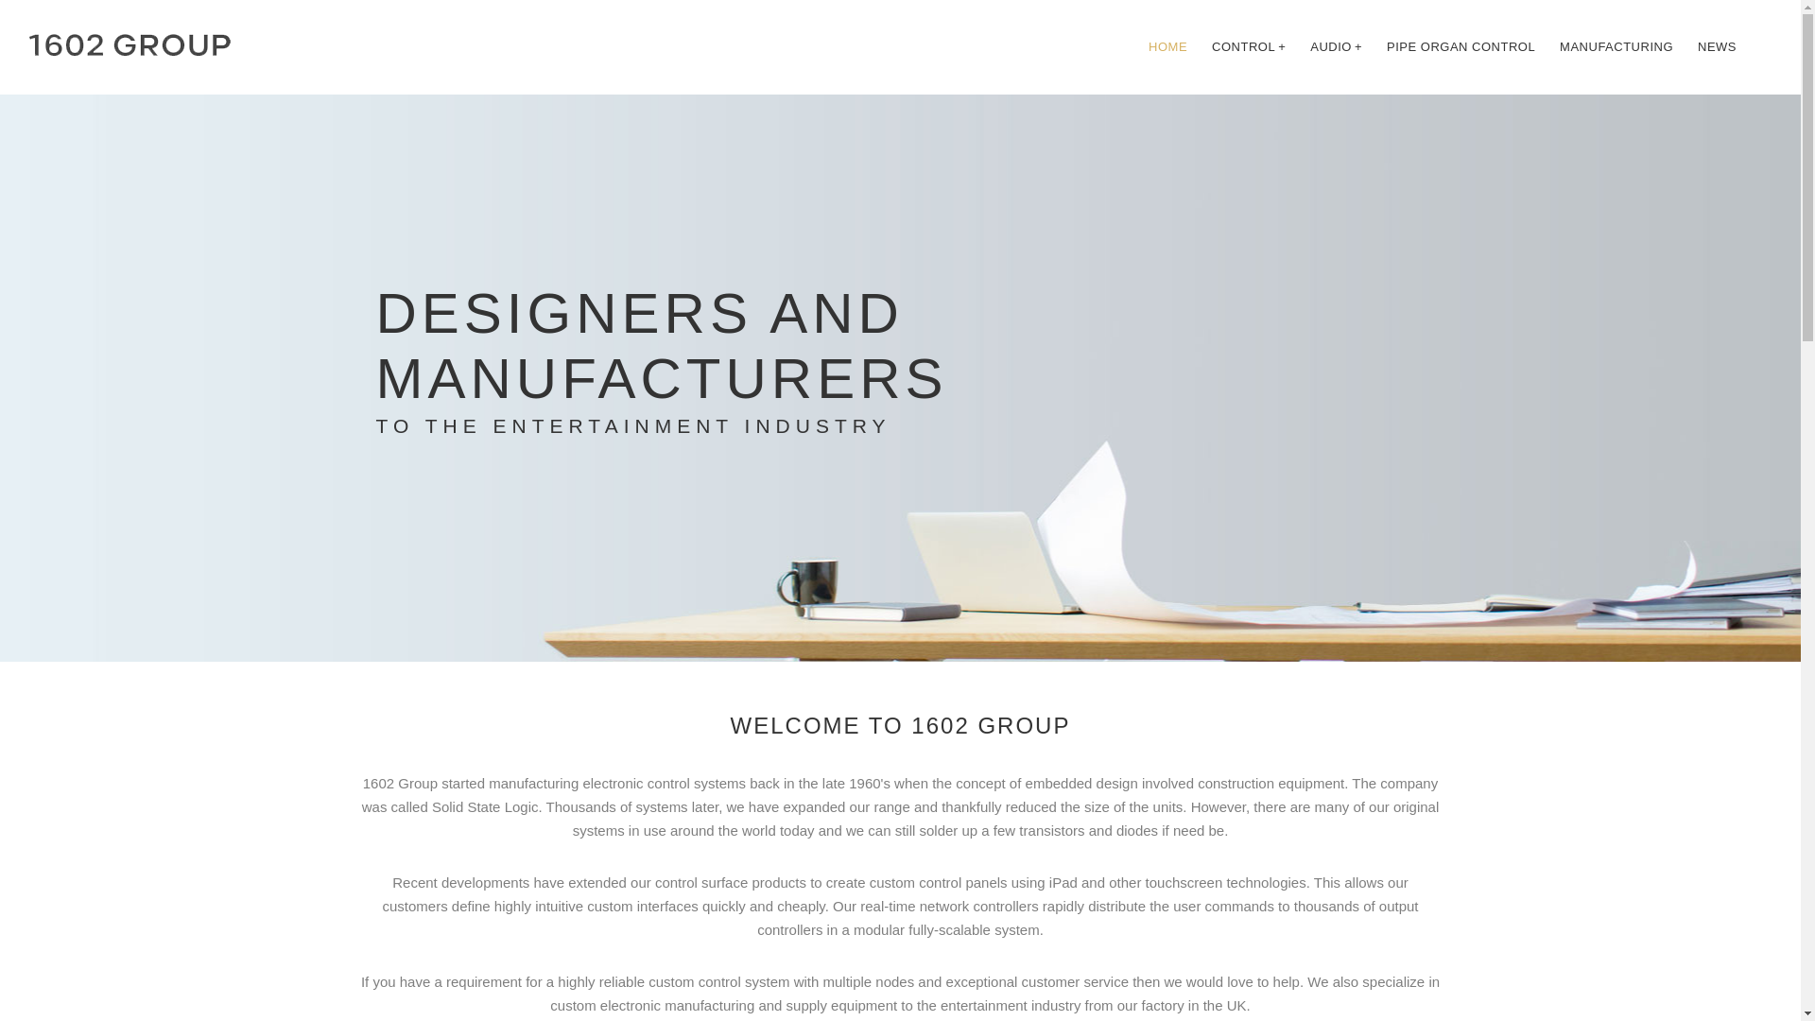 This screenshot has height=1021, width=1815. What do you see at coordinates (1717, 46) in the screenshot?
I see `'NEWS'` at bounding box center [1717, 46].